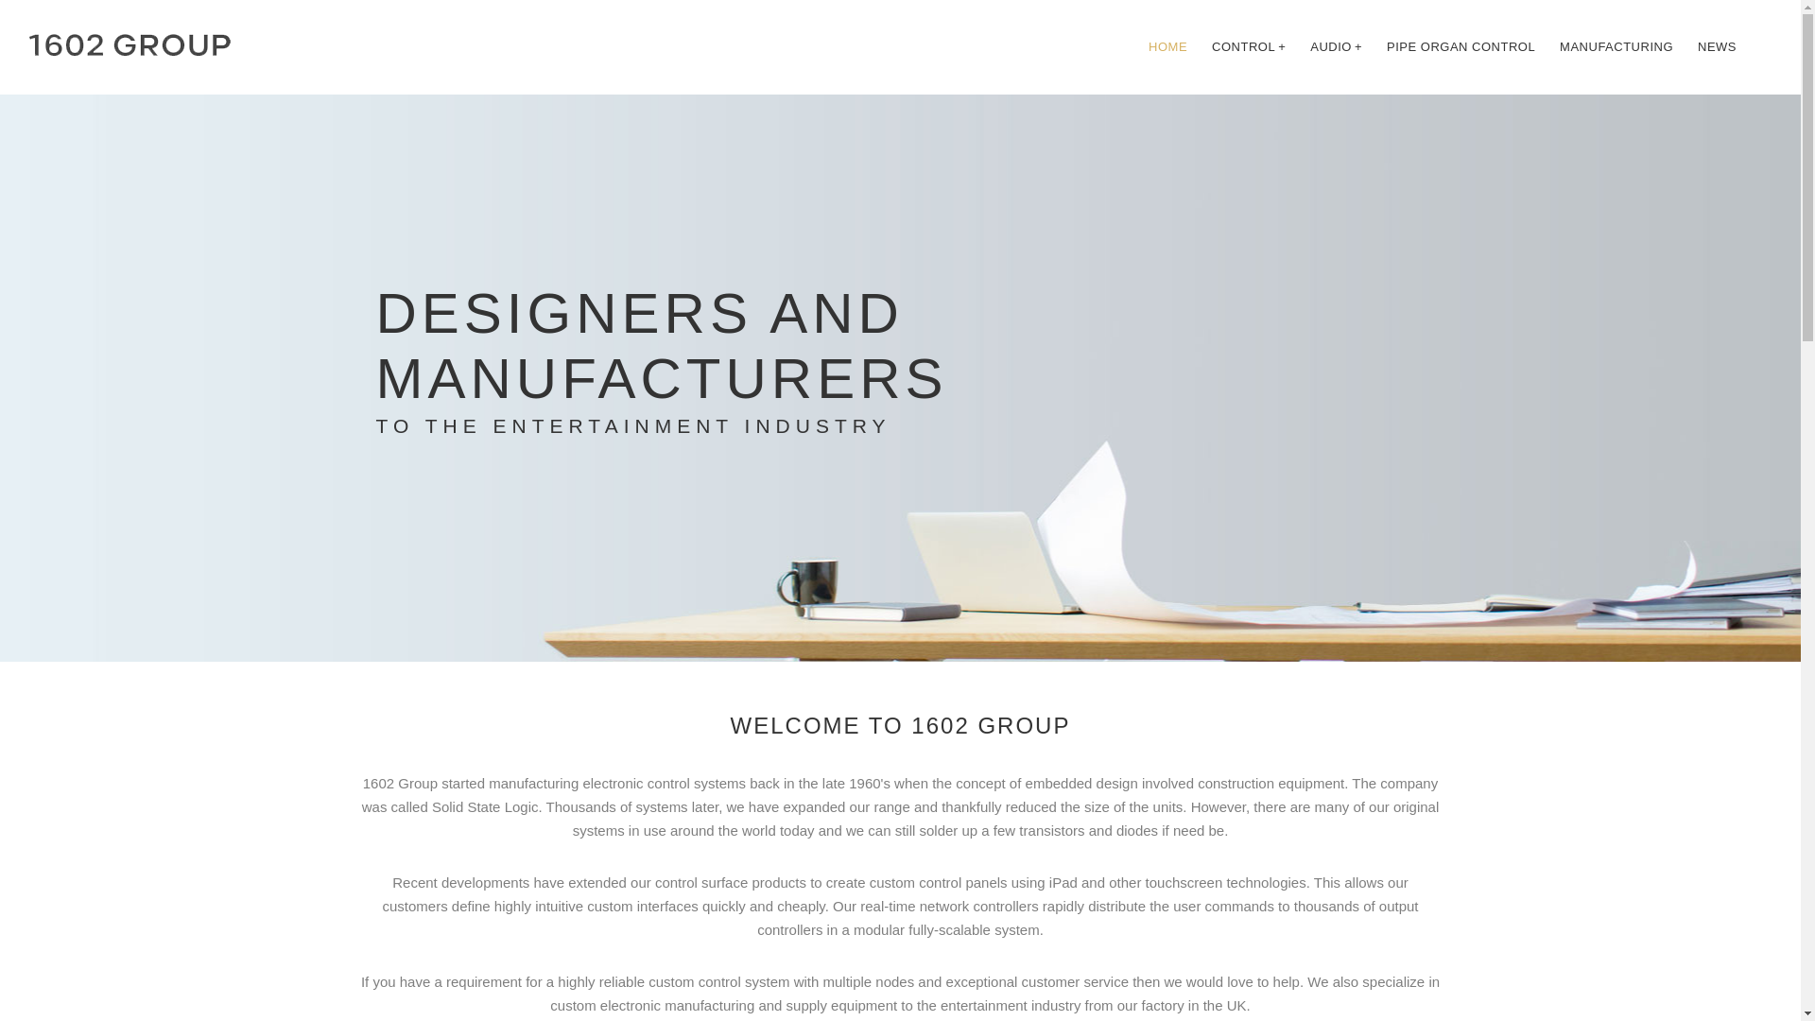 This screenshot has height=1021, width=1815. What do you see at coordinates (1717, 46) in the screenshot?
I see `'NEWS'` at bounding box center [1717, 46].